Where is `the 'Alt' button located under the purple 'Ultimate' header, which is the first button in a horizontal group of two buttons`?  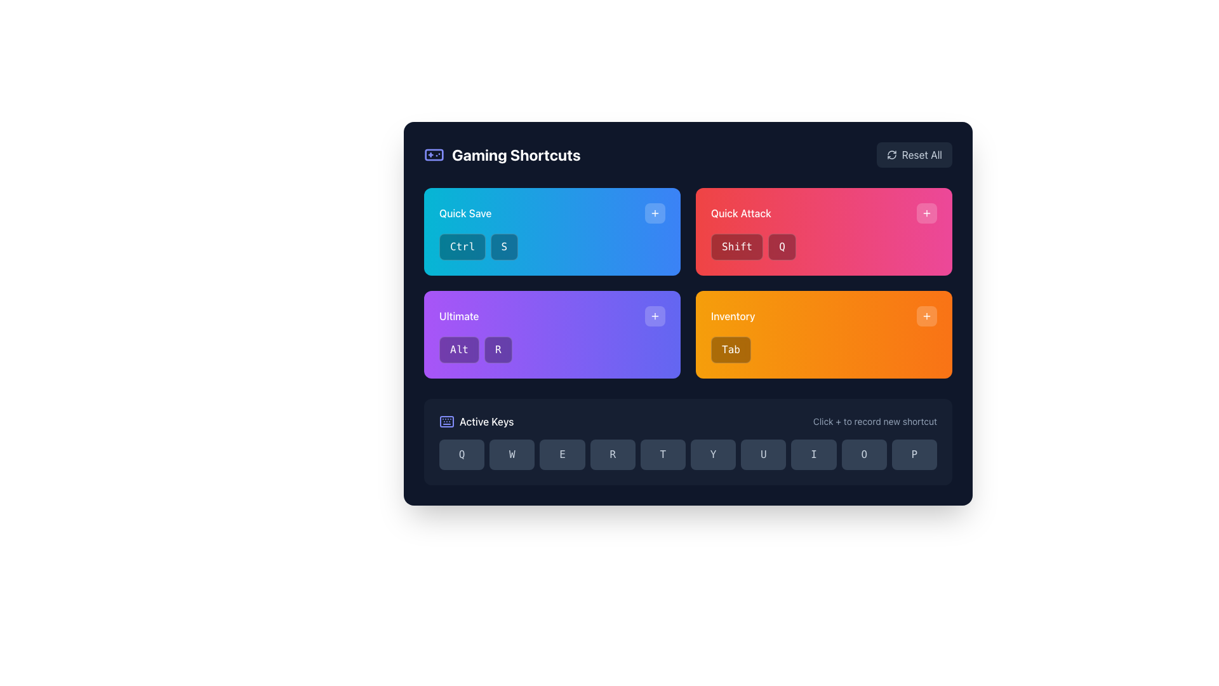
the 'Alt' button located under the purple 'Ultimate' header, which is the first button in a horizontal group of two buttons is located at coordinates (458, 350).